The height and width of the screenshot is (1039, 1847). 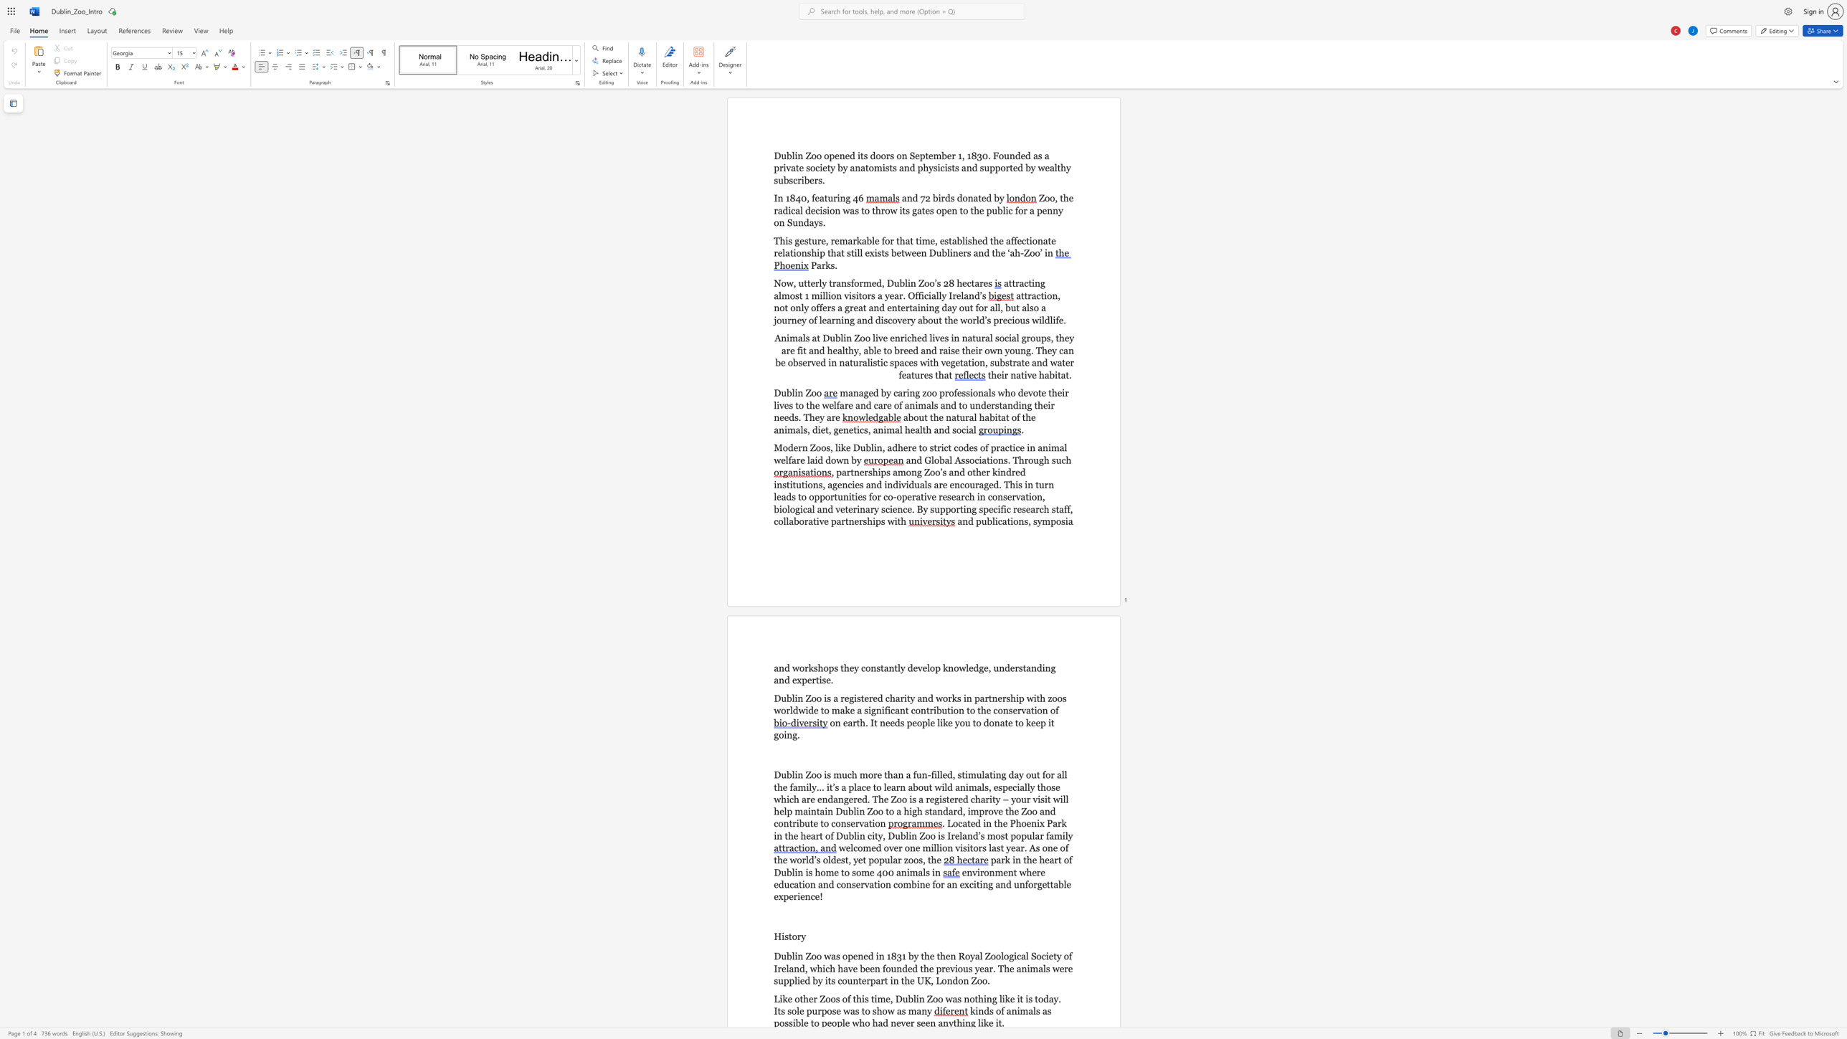 What do you see at coordinates (847, 485) in the screenshot?
I see `the subset text "cies and in" within the text ", partnerships among Zoo’s and other kindred institutions, agencies and individuals are encouraged. This in turn leads to opportunities for co-operative research in conservation, biological and veterinary science. By supporting specific research staff, collaborative partnerships with"` at bounding box center [847, 485].